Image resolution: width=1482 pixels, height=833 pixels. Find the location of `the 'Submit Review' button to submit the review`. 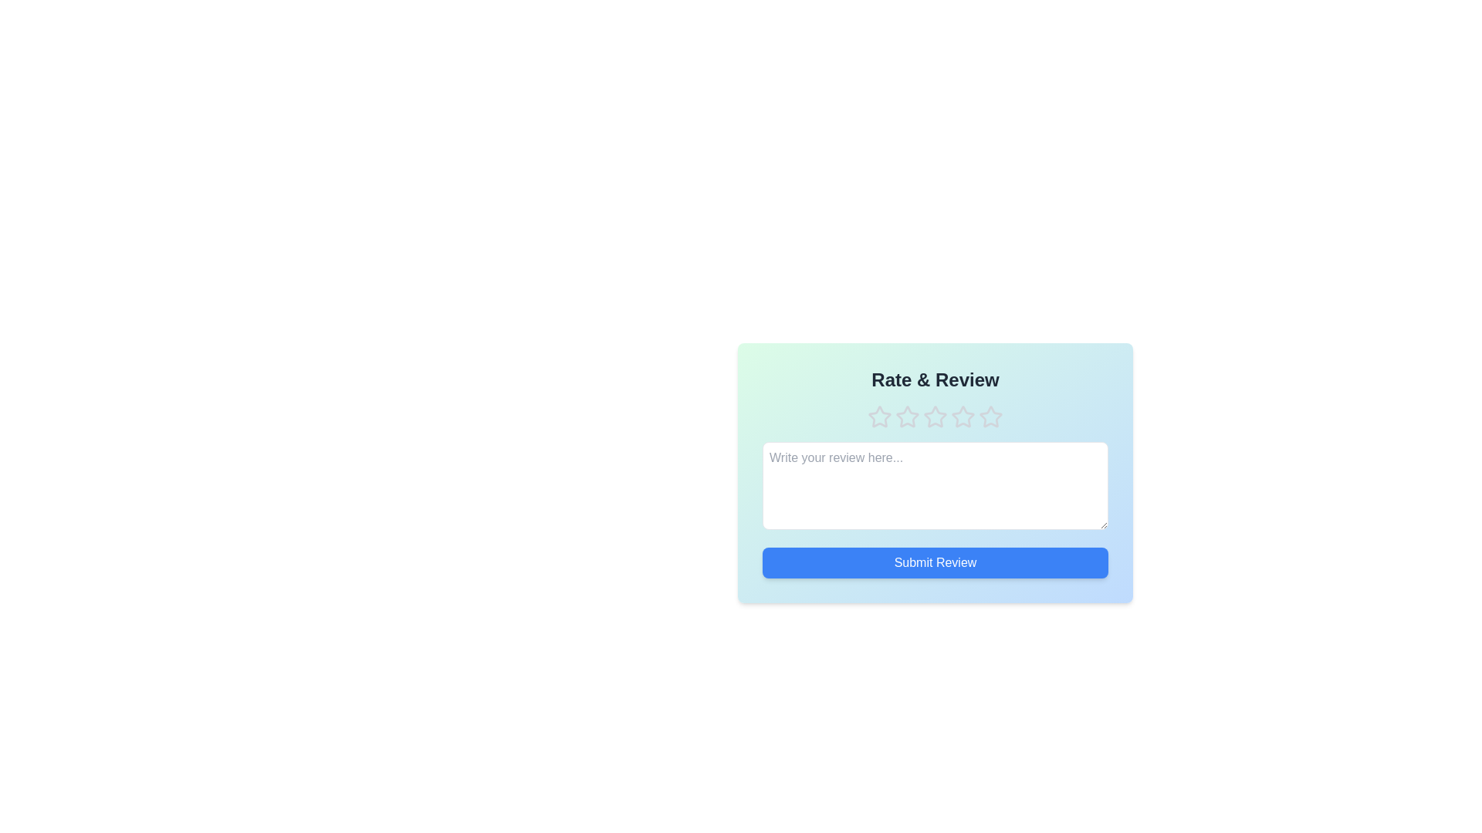

the 'Submit Review' button to submit the review is located at coordinates (934, 562).